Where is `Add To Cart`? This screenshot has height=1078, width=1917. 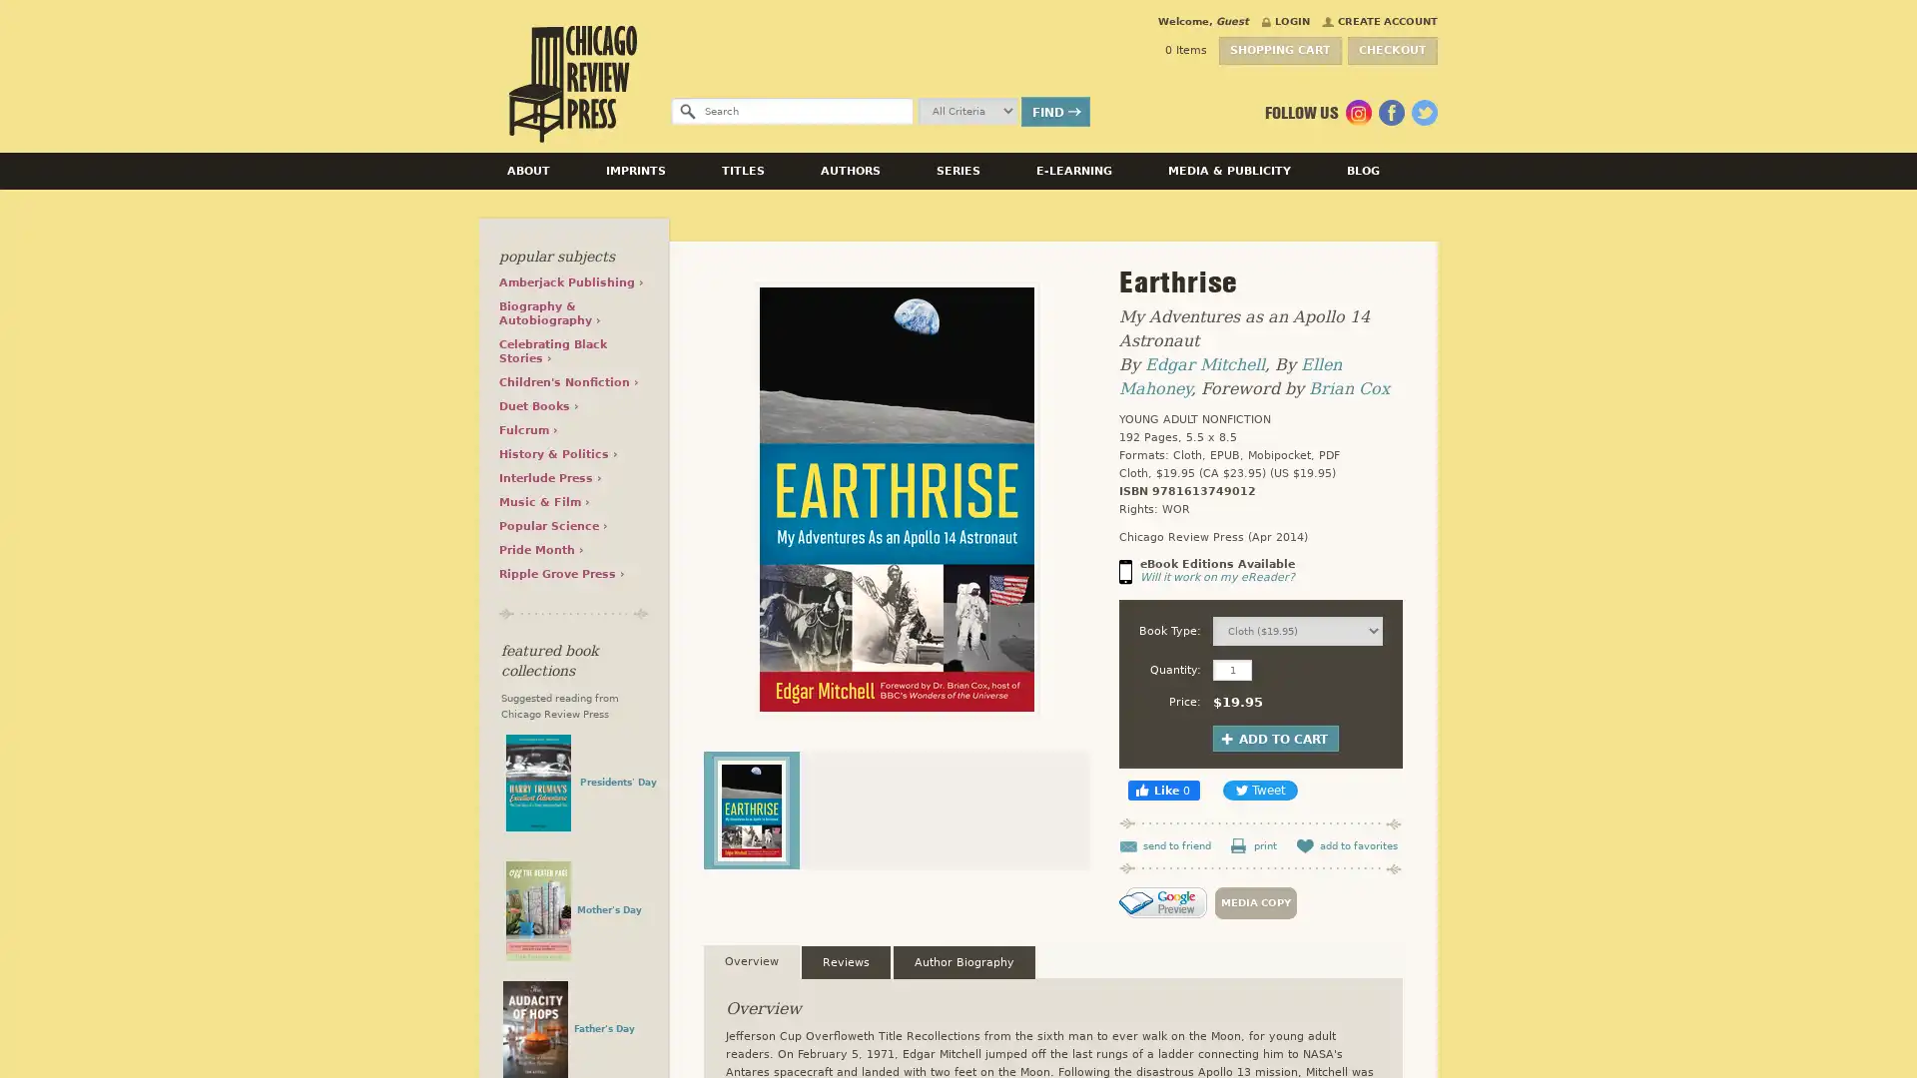
Add To Cart is located at coordinates (1274, 738).